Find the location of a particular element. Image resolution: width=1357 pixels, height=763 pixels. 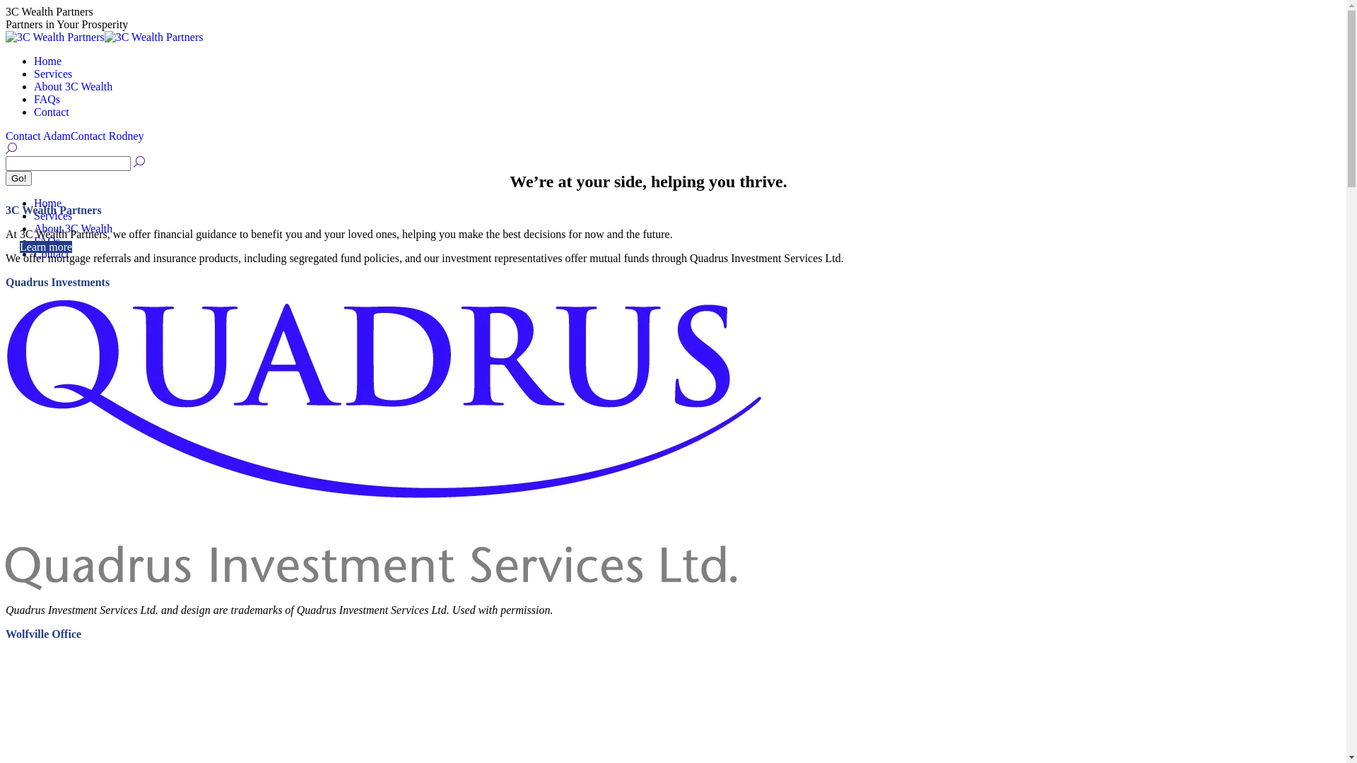

'Search form' is located at coordinates (67, 162).